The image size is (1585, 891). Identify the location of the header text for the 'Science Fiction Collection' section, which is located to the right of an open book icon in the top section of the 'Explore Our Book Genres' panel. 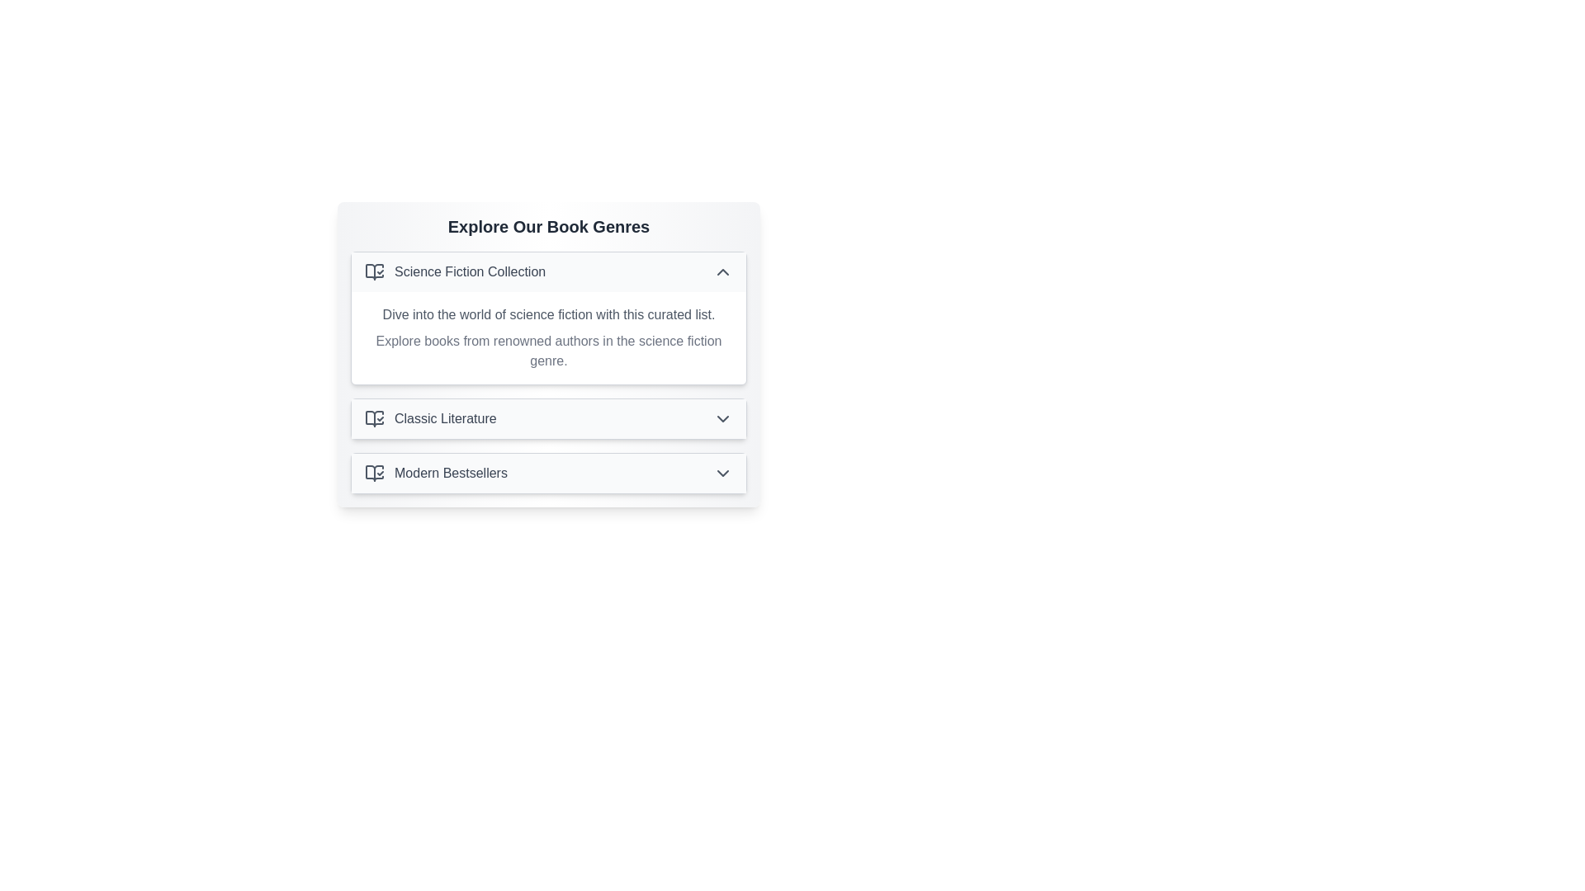
(469, 271).